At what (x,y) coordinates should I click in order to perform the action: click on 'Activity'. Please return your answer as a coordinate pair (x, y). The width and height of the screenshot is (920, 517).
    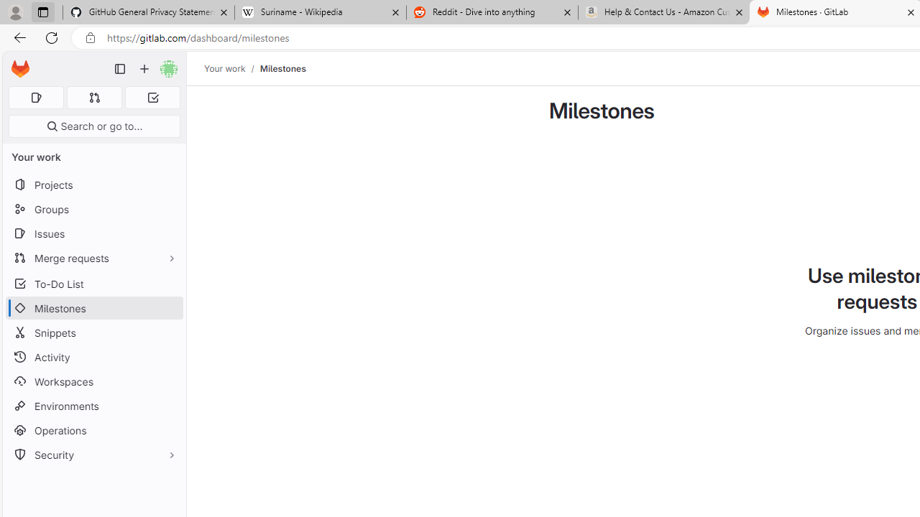
    Looking at the image, I should click on (93, 356).